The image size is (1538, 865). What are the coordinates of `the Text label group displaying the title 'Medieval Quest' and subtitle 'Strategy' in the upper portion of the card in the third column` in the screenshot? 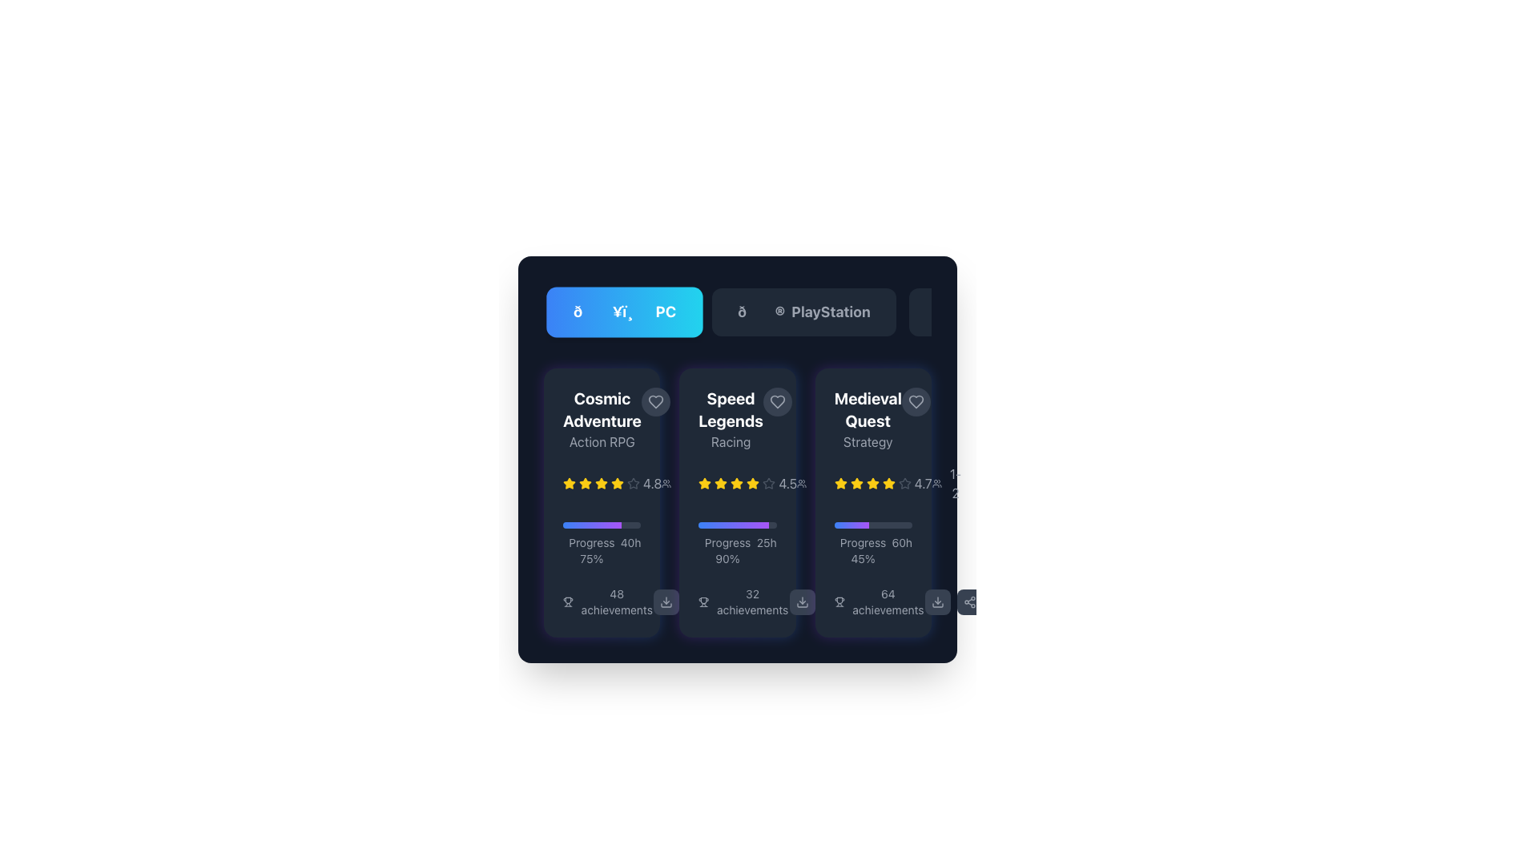 It's located at (867, 419).